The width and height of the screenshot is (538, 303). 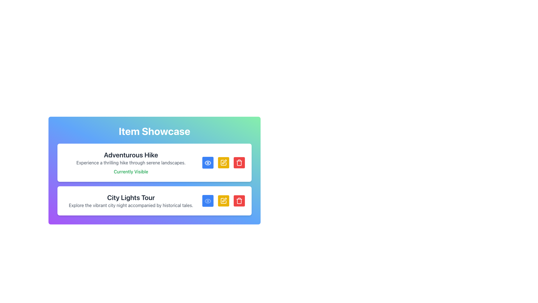 I want to click on the middle button in the horizontal row of action buttons associated with the 'City Lights Tour' item, so click(x=224, y=200).